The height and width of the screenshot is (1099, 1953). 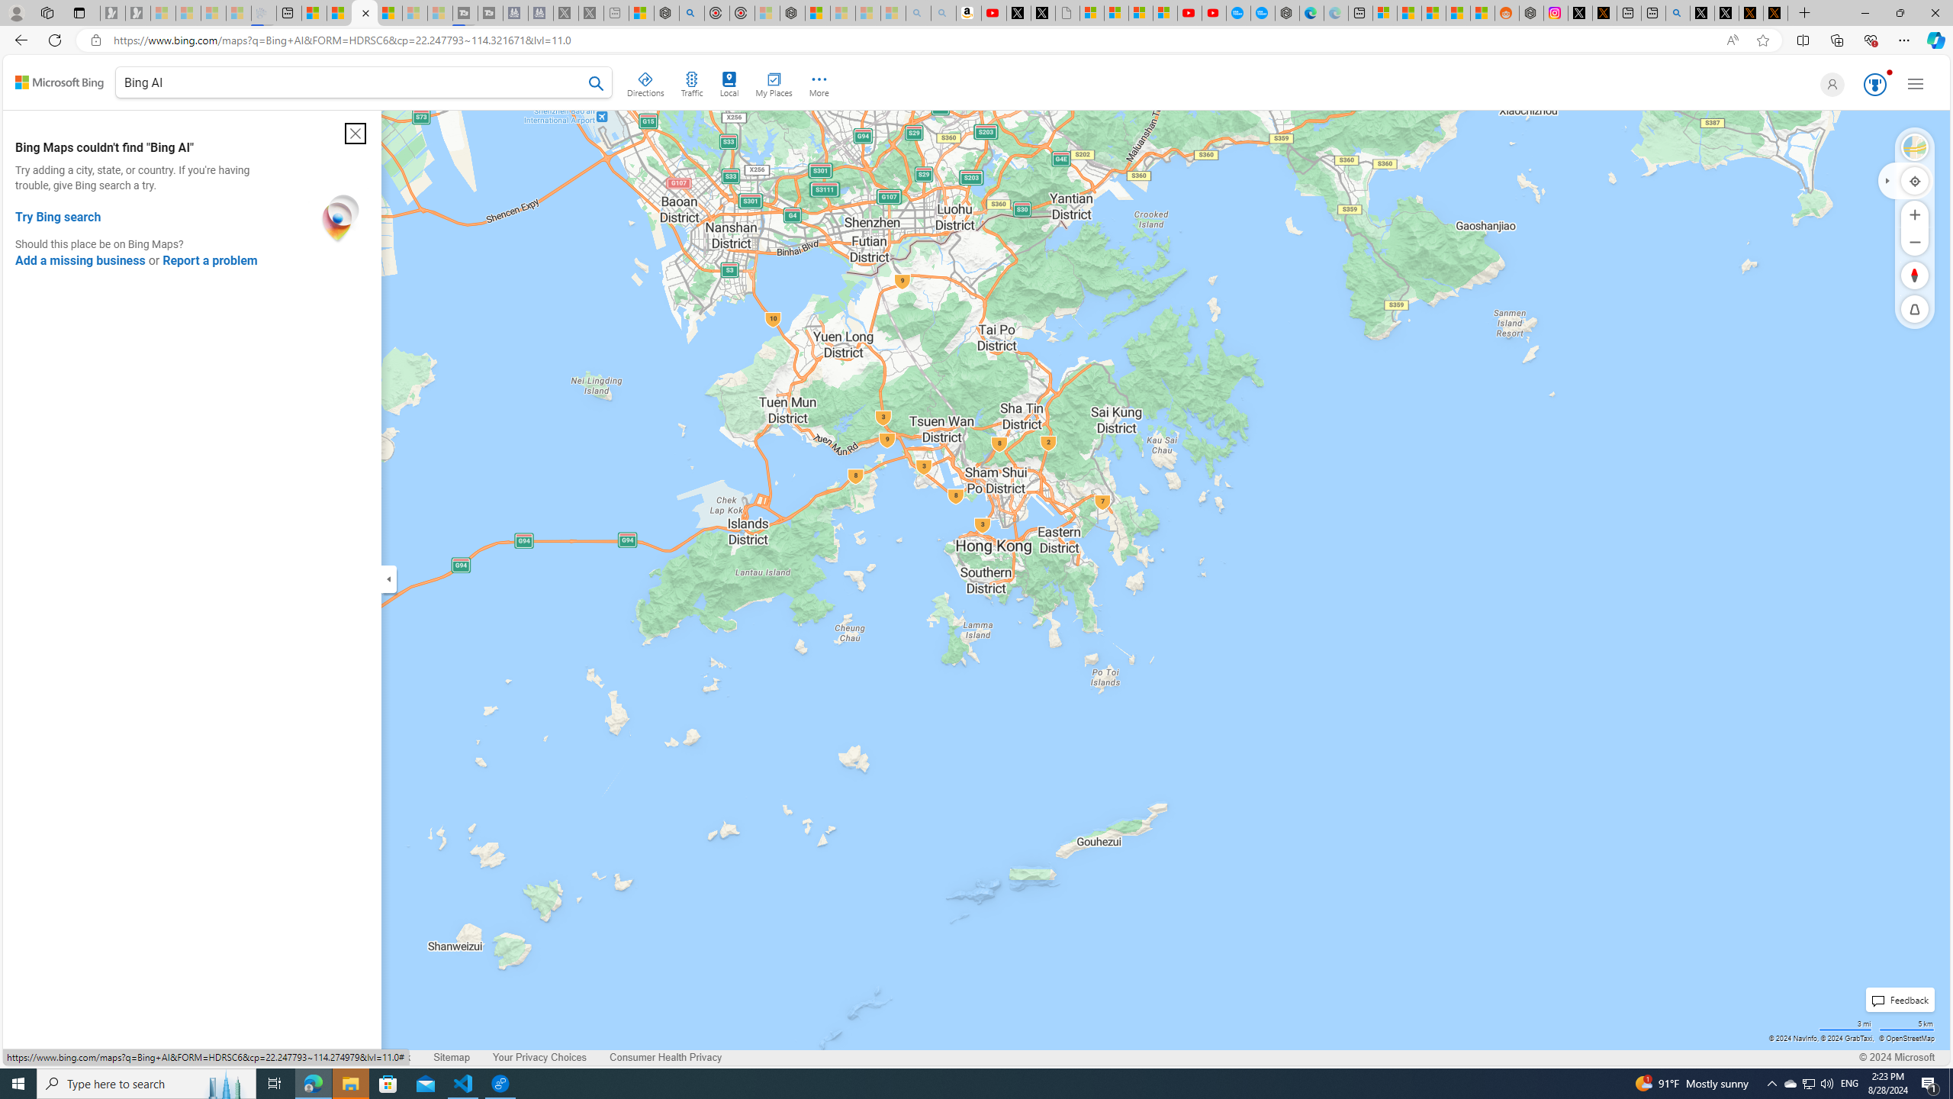 What do you see at coordinates (1775, 12) in the screenshot?
I see `'X Privacy Policy'` at bounding box center [1775, 12].